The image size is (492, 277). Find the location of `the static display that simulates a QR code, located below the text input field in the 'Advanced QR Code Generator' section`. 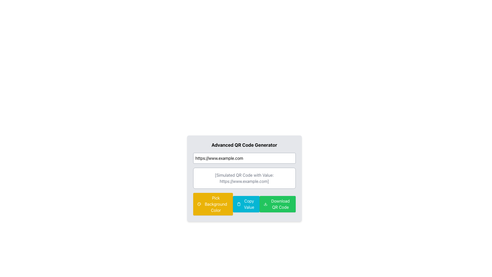

the static display that simulates a QR code, located below the text input field in the 'Advanced QR Code Generator' section is located at coordinates (244, 178).